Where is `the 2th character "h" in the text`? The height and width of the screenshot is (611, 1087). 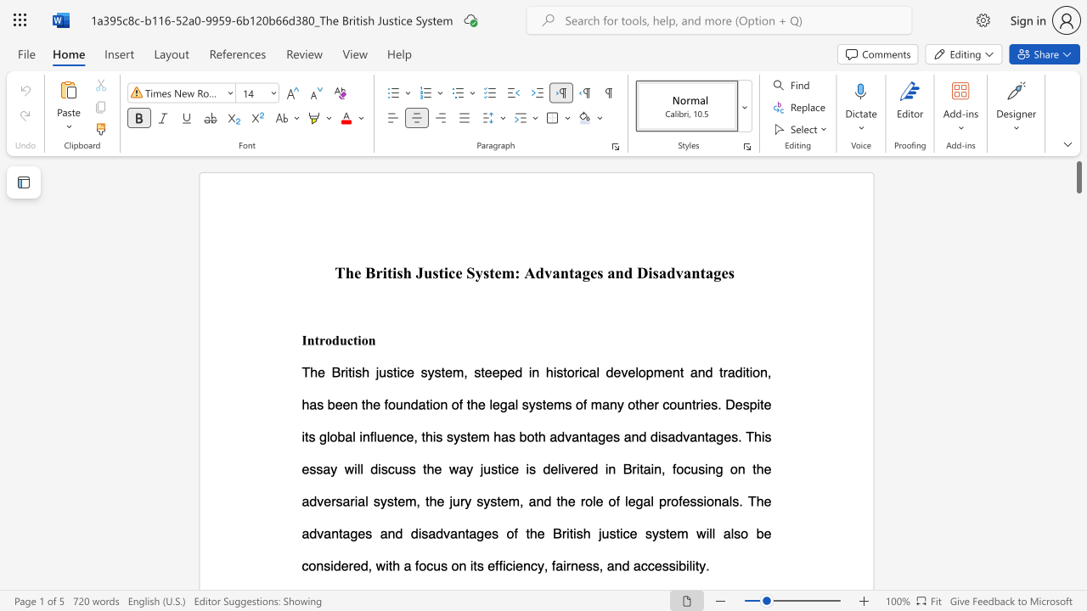
the 2th character "h" in the text is located at coordinates (406, 272).